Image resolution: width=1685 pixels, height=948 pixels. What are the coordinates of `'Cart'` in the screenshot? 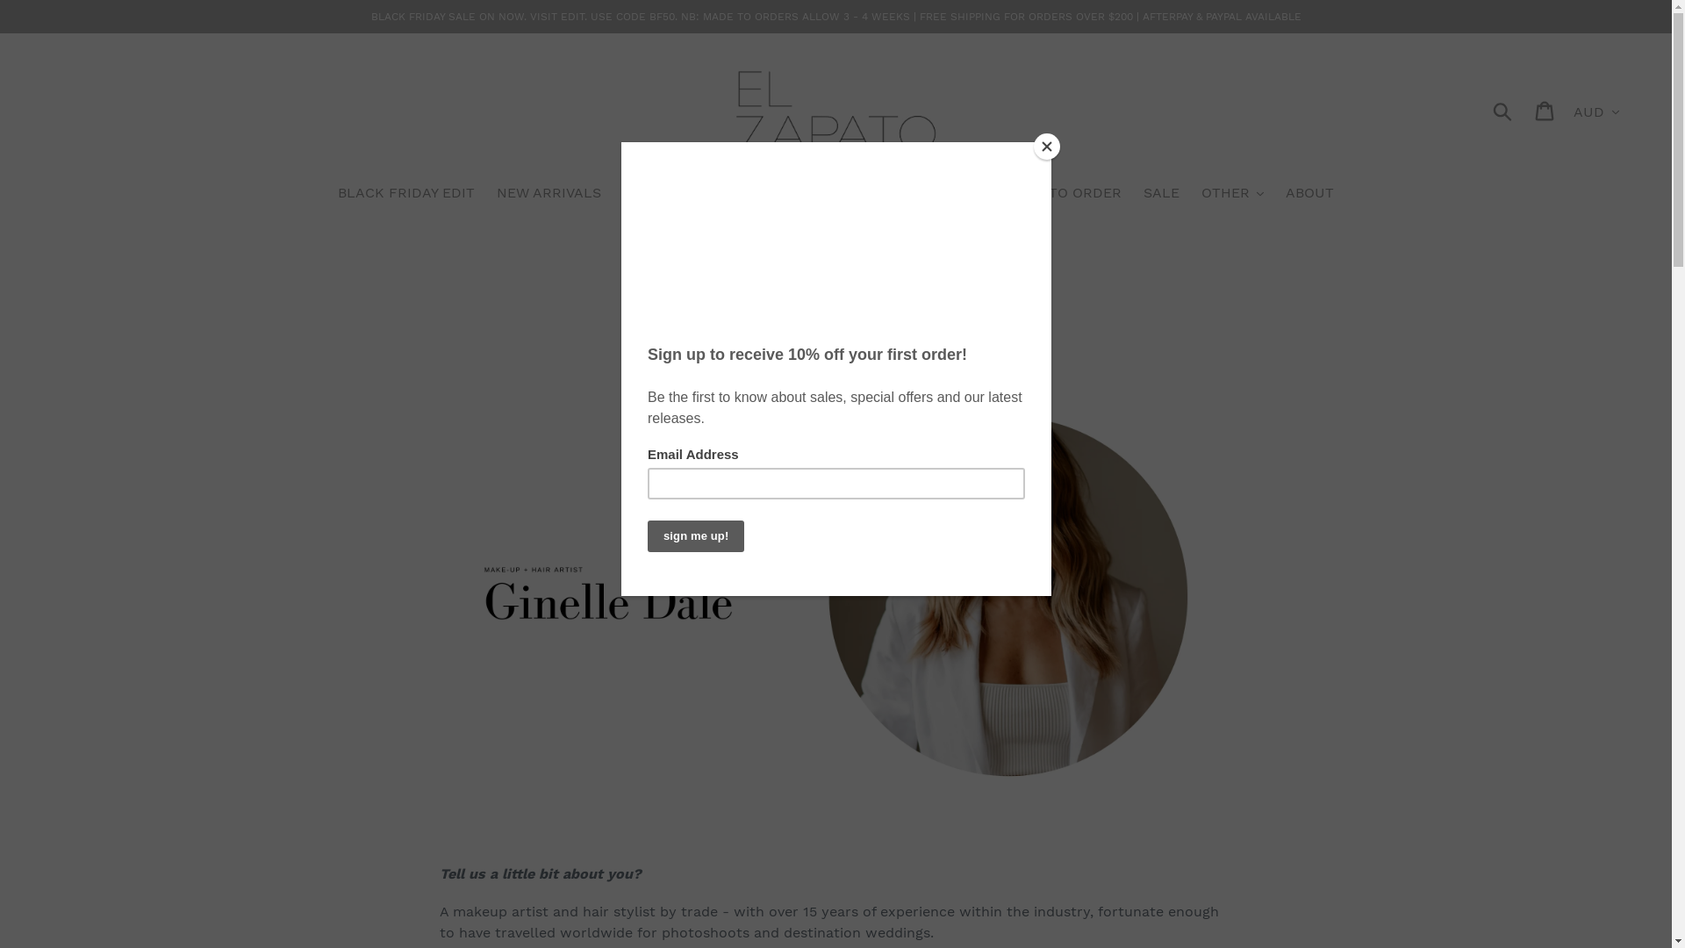 It's located at (1524, 110).